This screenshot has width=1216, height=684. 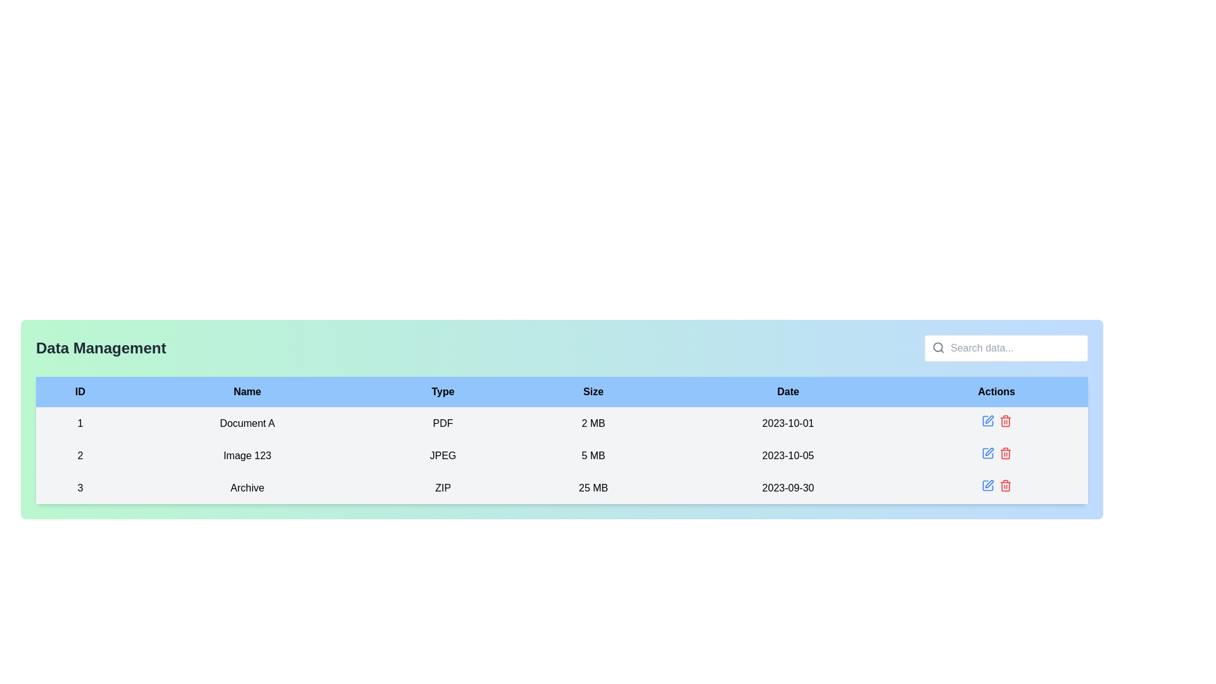 I want to click on the text display element showing '5 MB' in the 'Size' column of the table corresponding to 'Image 123', so click(x=593, y=455).